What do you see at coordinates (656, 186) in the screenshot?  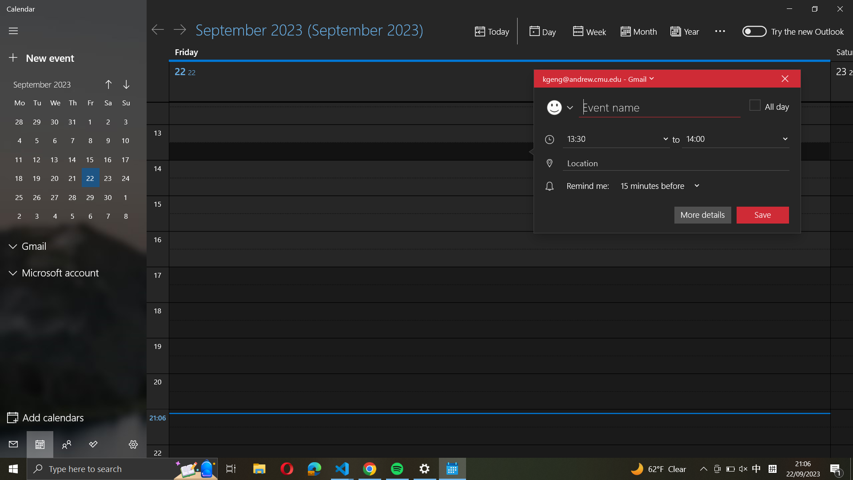 I see `event reminder to 30 minutes before` at bounding box center [656, 186].